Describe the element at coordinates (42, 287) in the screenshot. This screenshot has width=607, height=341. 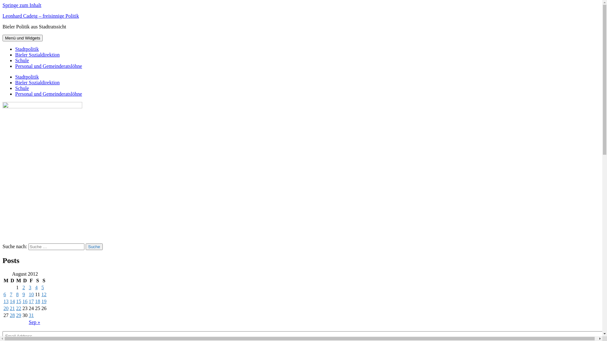
I see `'5'` at that location.